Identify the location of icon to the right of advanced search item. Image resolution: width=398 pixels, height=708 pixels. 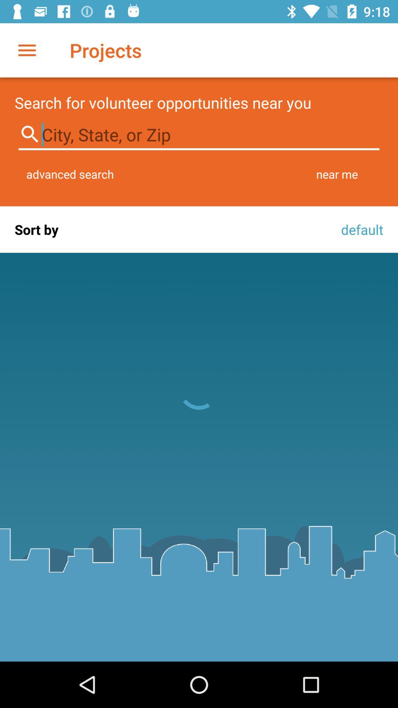
(337, 174).